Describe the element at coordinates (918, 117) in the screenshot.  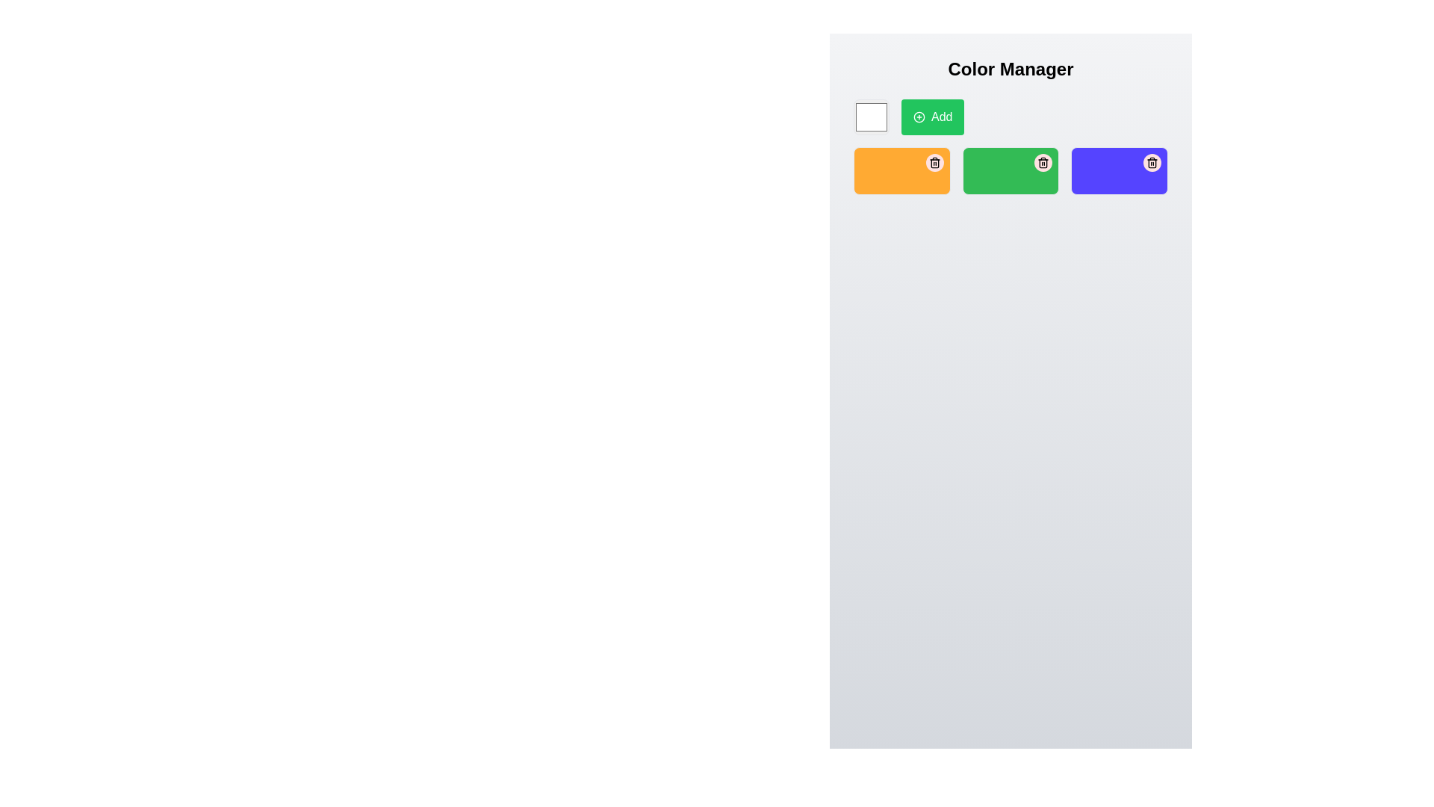
I see `the circular green icon with a plus symbol` at that location.